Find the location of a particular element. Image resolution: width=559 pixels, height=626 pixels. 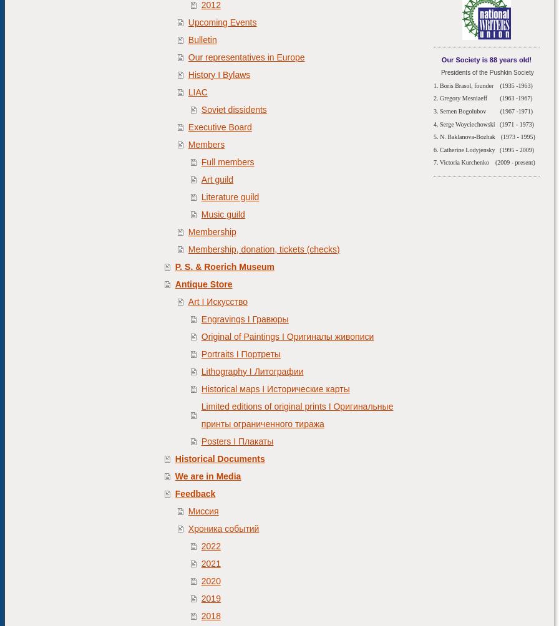

'Historical Documents' is located at coordinates (220, 458).